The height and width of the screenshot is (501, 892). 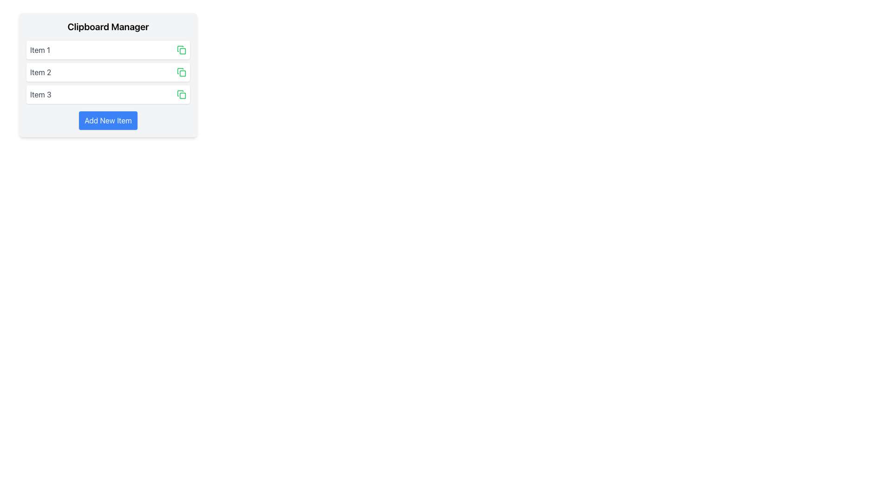 What do you see at coordinates (183, 73) in the screenshot?
I see `the rectangular icon element with rounded corners representing a clipboard, located within 'Item 2' of the 'Clipboard Manager'` at bounding box center [183, 73].